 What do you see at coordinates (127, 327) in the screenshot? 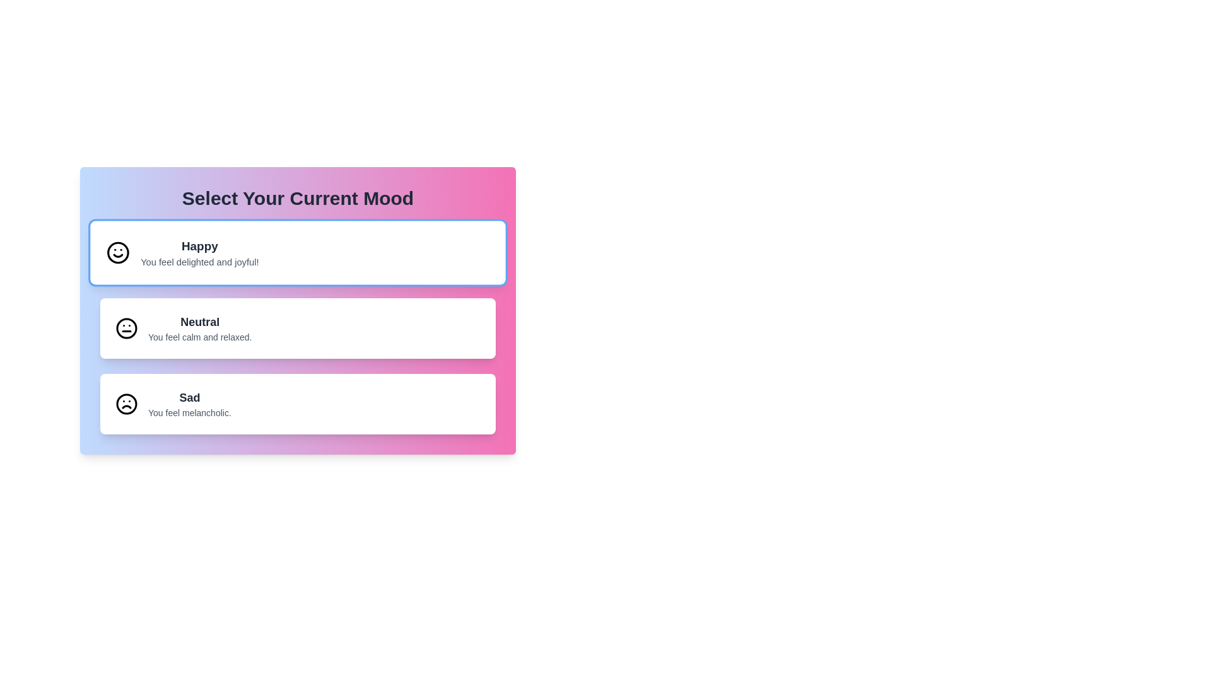
I see `the circular neutral face icon located next to the text 'Neutral' in the second row of options` at bounding box center [127, 327].